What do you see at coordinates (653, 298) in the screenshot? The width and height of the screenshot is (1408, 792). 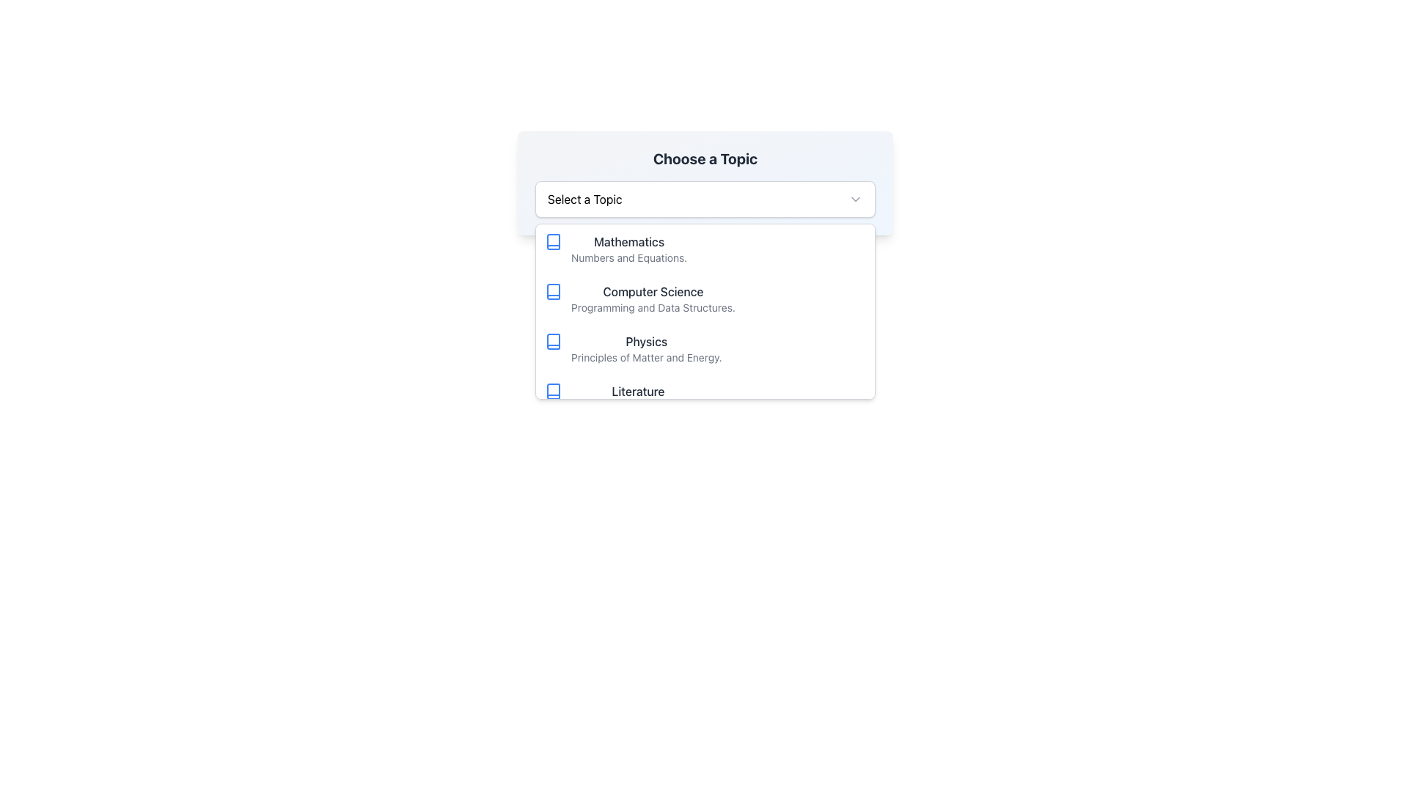 I see `the text block labeled 'Computer Science' which is the second selectable item in the list of topics` at bounding box center [653, 298].